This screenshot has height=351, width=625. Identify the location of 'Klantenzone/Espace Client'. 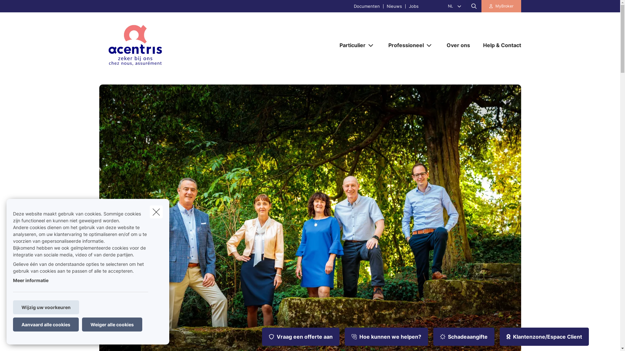
(499, 336).